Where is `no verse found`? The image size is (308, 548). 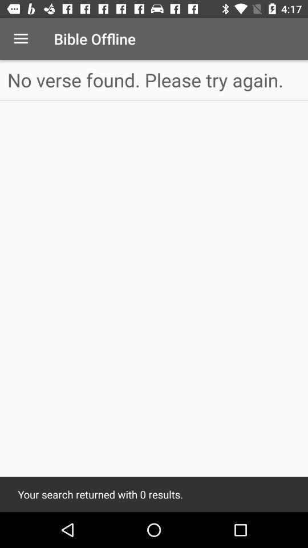
no verse found is located at coordinates (154, 79).